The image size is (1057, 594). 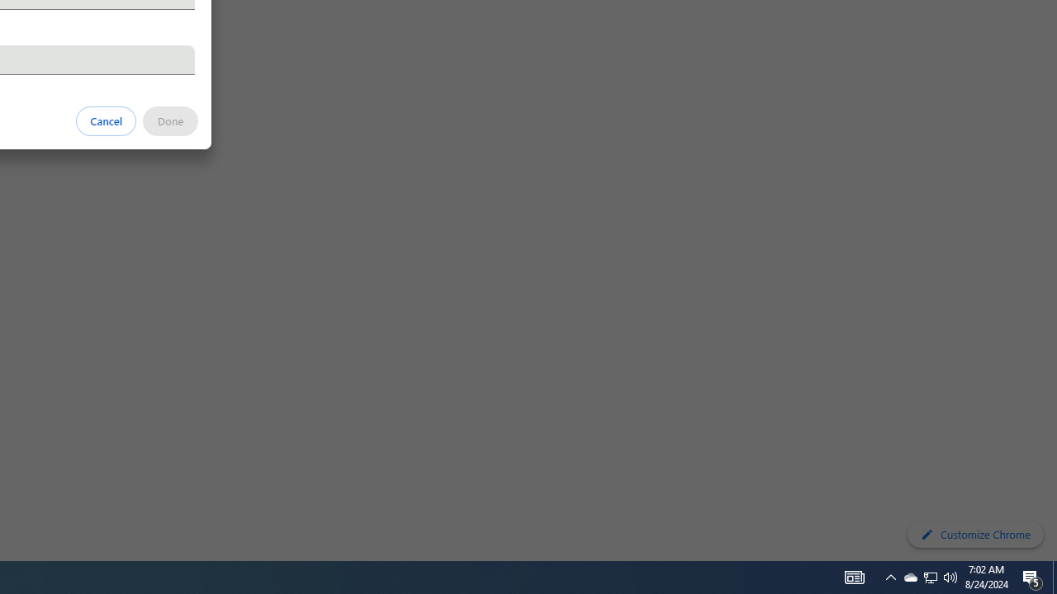 What do you see at coordinates (1054, 576) in the screenshot?
I see `'Show desktop'` at bounding box center [1054, 576].